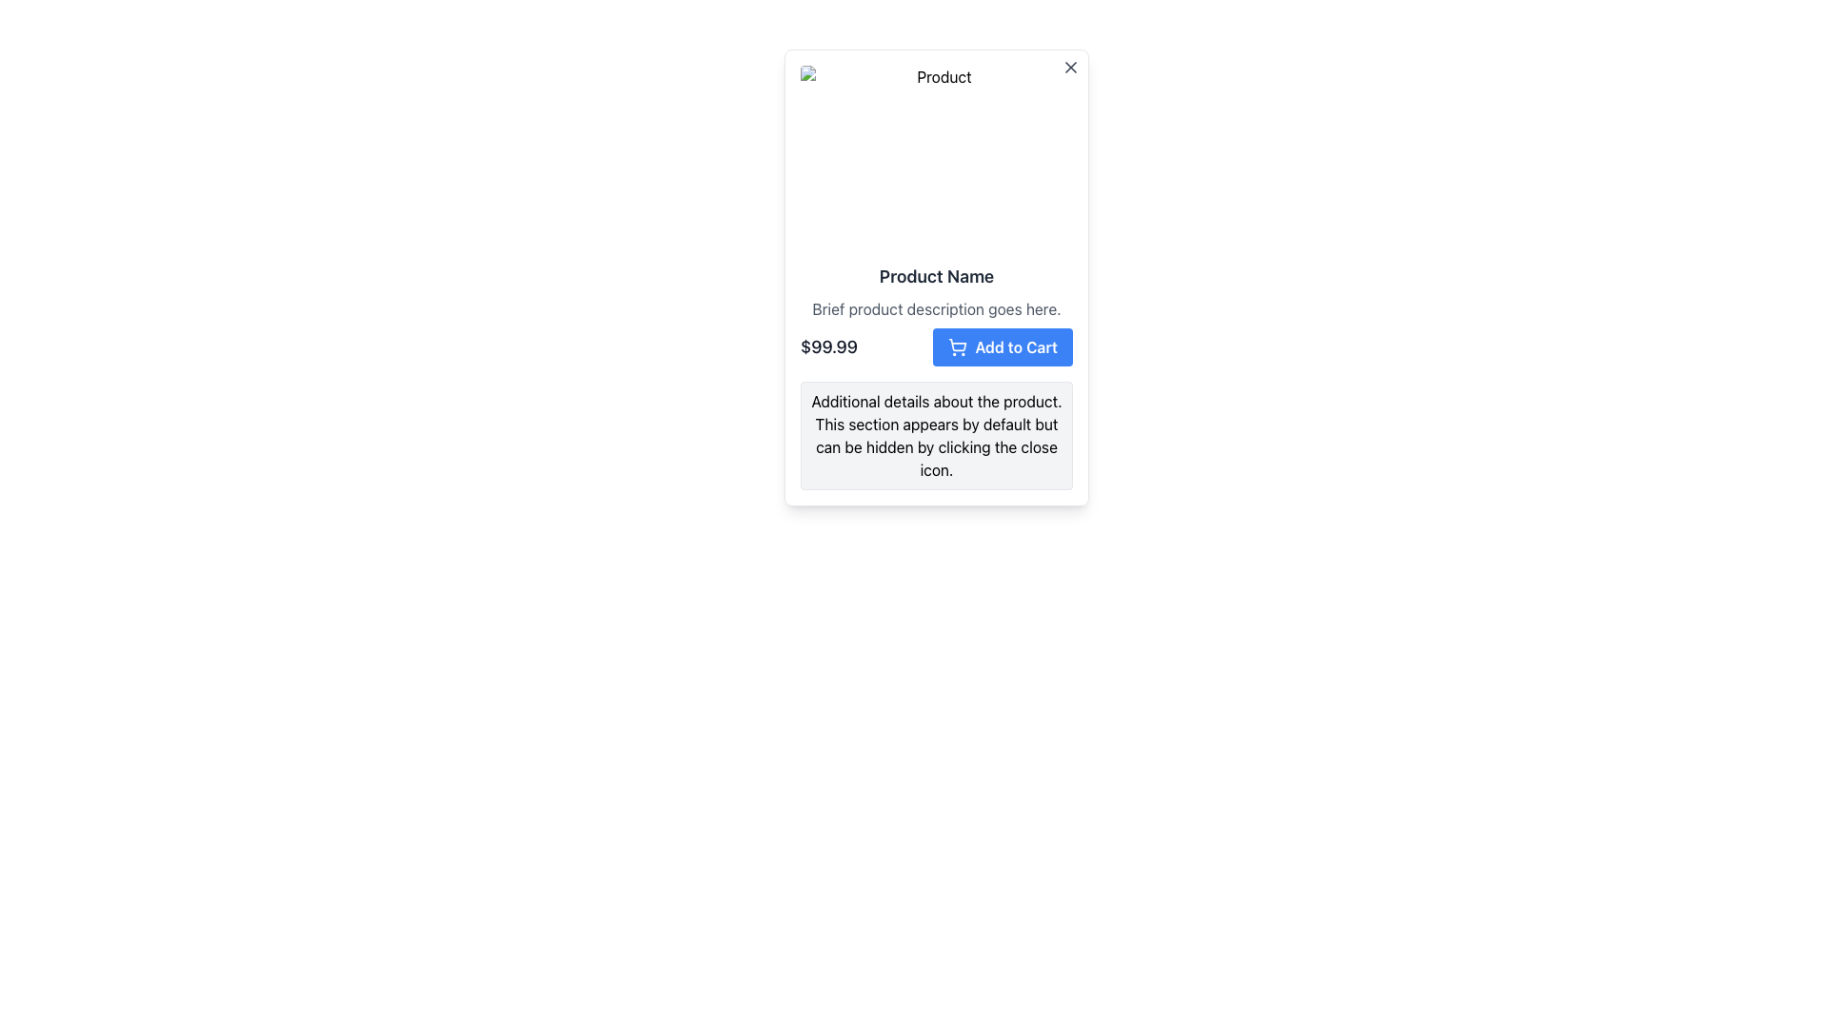  What do you see at coordinates (958, 345) in the screenshot?
I see `the cart icon which is a monochromatic outline positioned inside the 'Add to Cart' button` at bounding box center [958, 345].